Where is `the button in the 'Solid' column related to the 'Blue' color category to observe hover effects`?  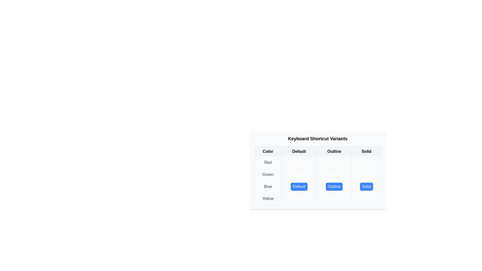 the button in the 'Solid' column related to the 'Blue' color category to observe hover effects is located at coordinates (366, 187).